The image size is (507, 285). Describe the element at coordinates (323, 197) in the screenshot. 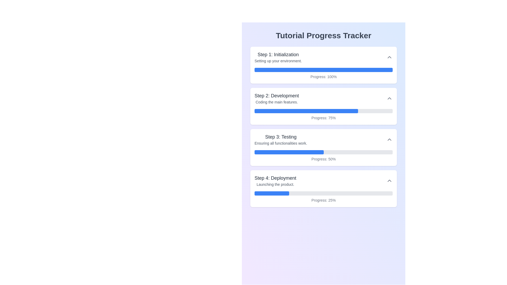

I see `progress text from the progress bar labeled 'Progress: 25%' located below the text 'Launching the product' in the fourth step 'Step 4: Deployment'` at that location.